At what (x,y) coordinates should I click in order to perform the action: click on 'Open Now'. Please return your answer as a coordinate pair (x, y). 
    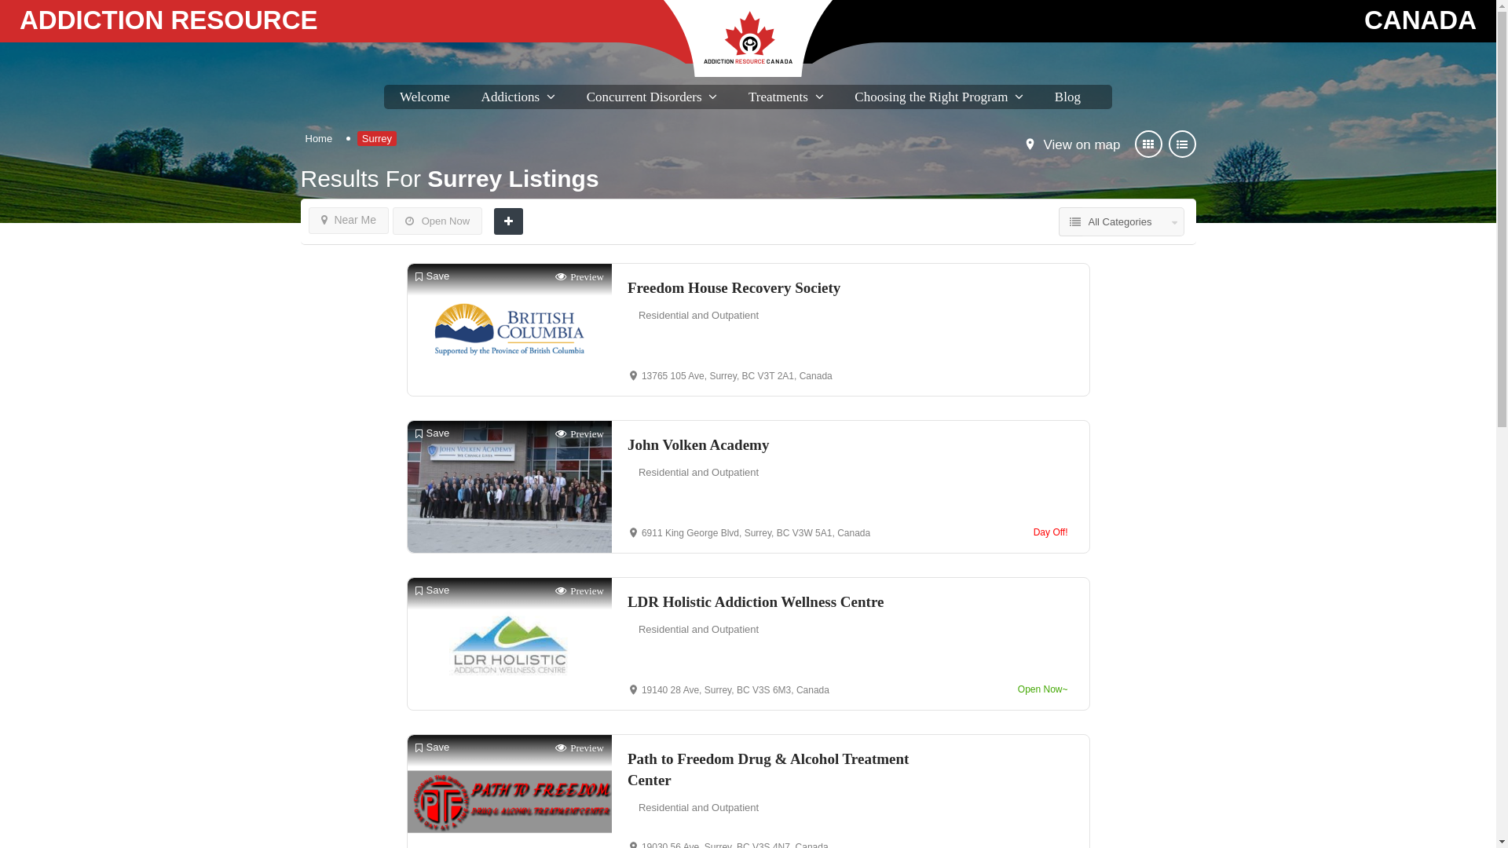
    Looking at the image, I should click on (437, 221).